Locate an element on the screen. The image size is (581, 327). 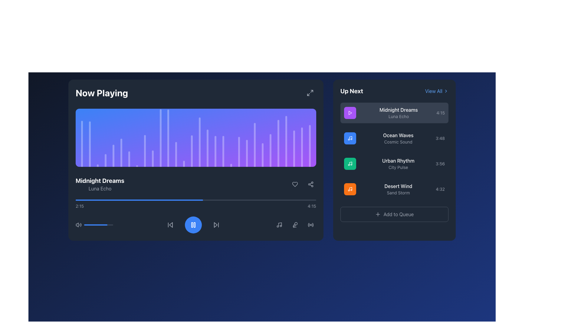
the volume is located at coordinates (102, 225).